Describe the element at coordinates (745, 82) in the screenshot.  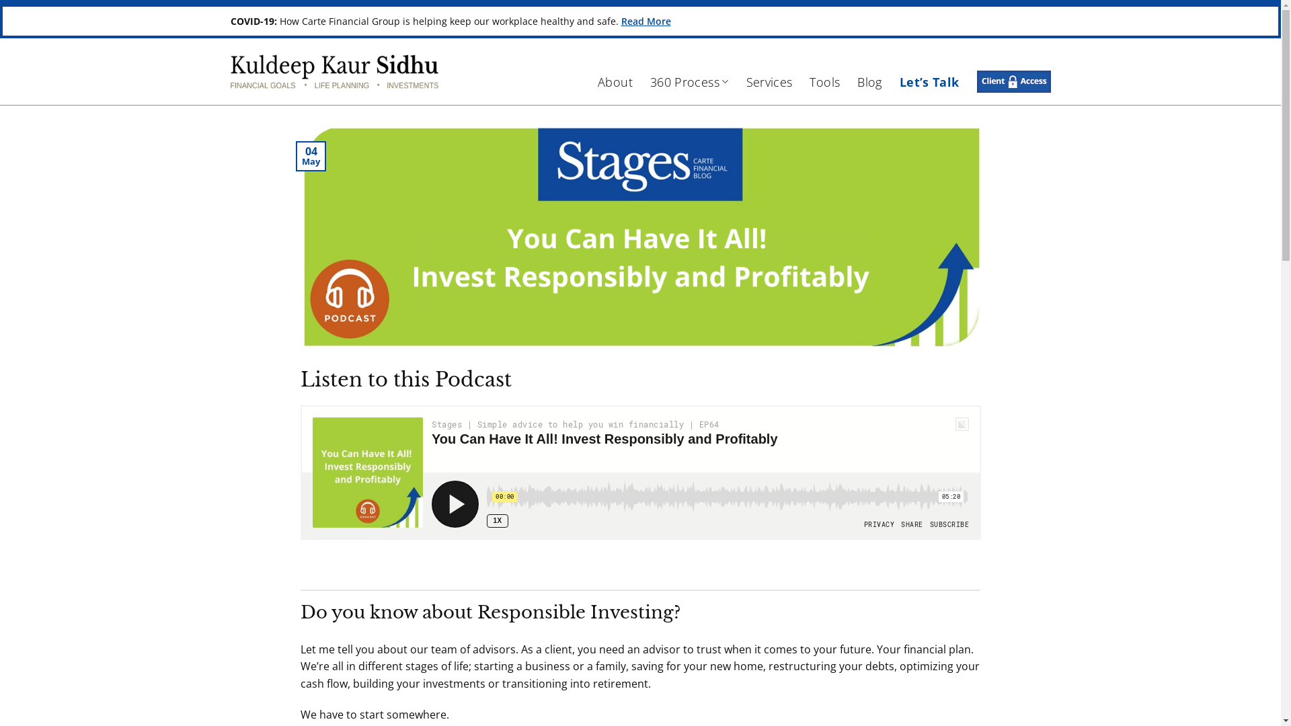
I see `'Services'` at that location.